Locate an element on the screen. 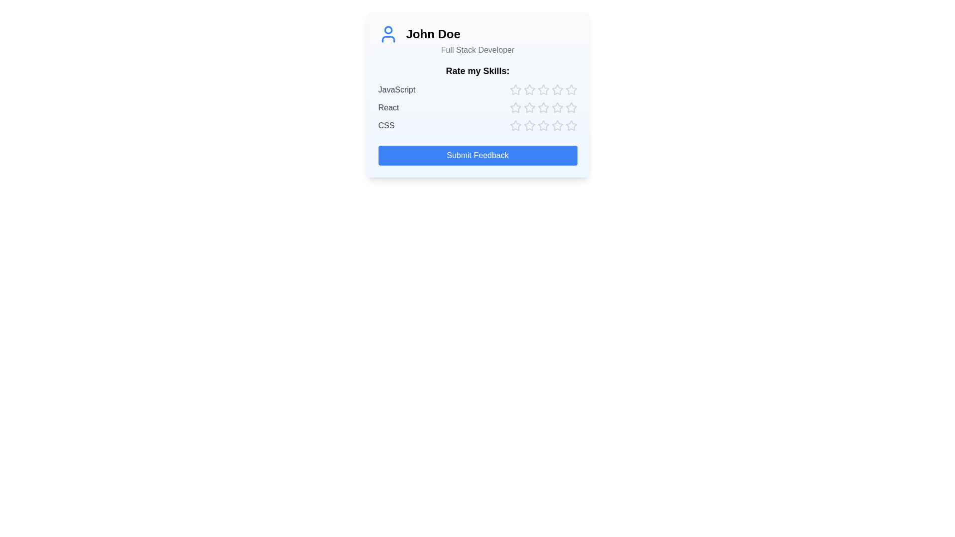  the skill name to select its text is located at coordinates (396, 90).